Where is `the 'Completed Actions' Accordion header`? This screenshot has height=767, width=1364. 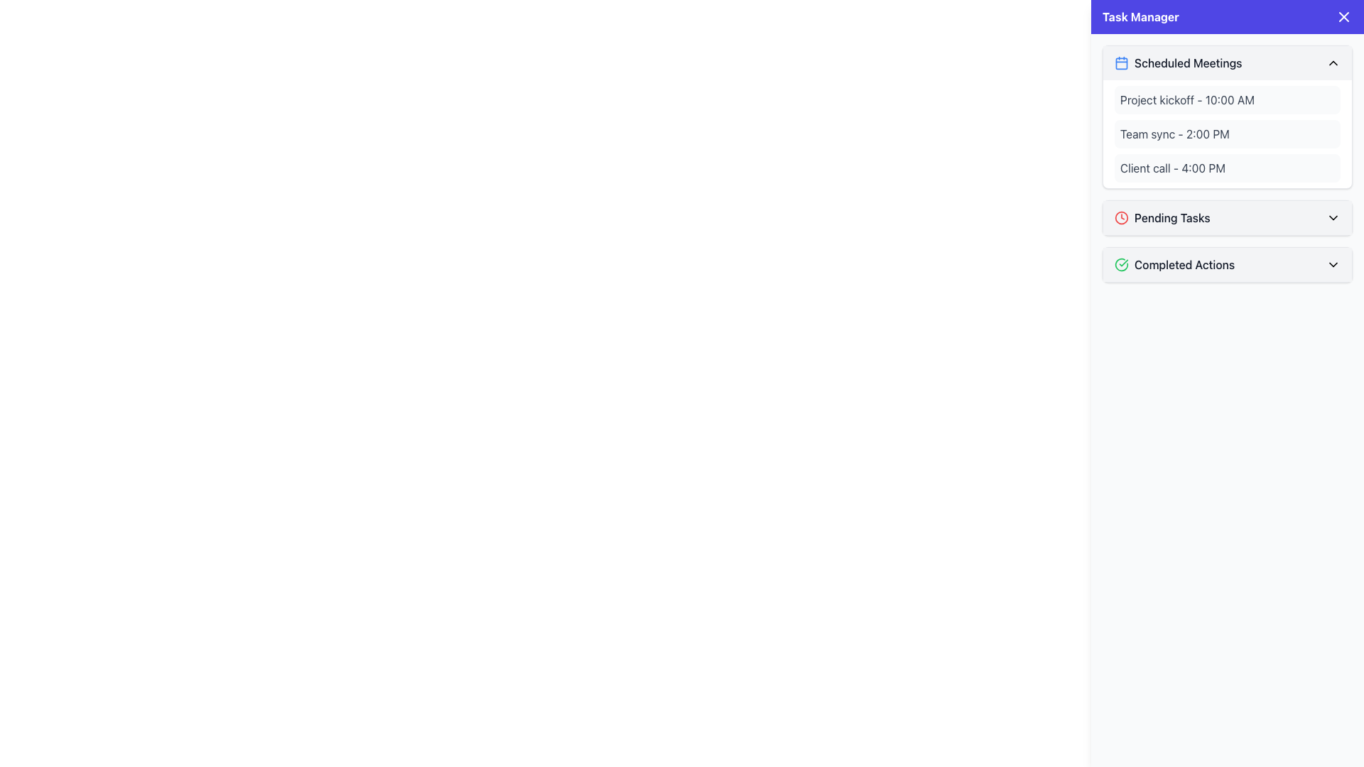
the 'Completed Actions' Accordion header is located at coordinates (1227, 265).